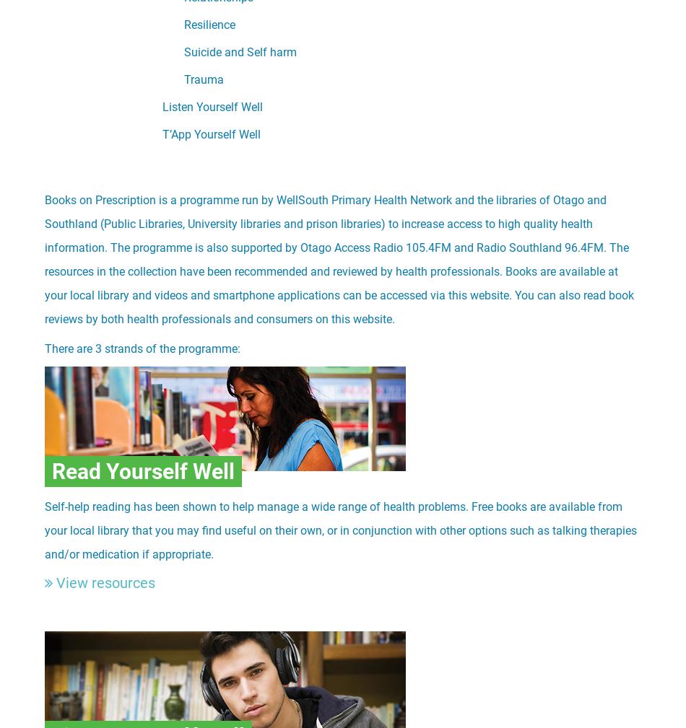 The width and height of the screenshot is (686, 728). I want to click on 'Listen Yourself Well', so click(212, 106).